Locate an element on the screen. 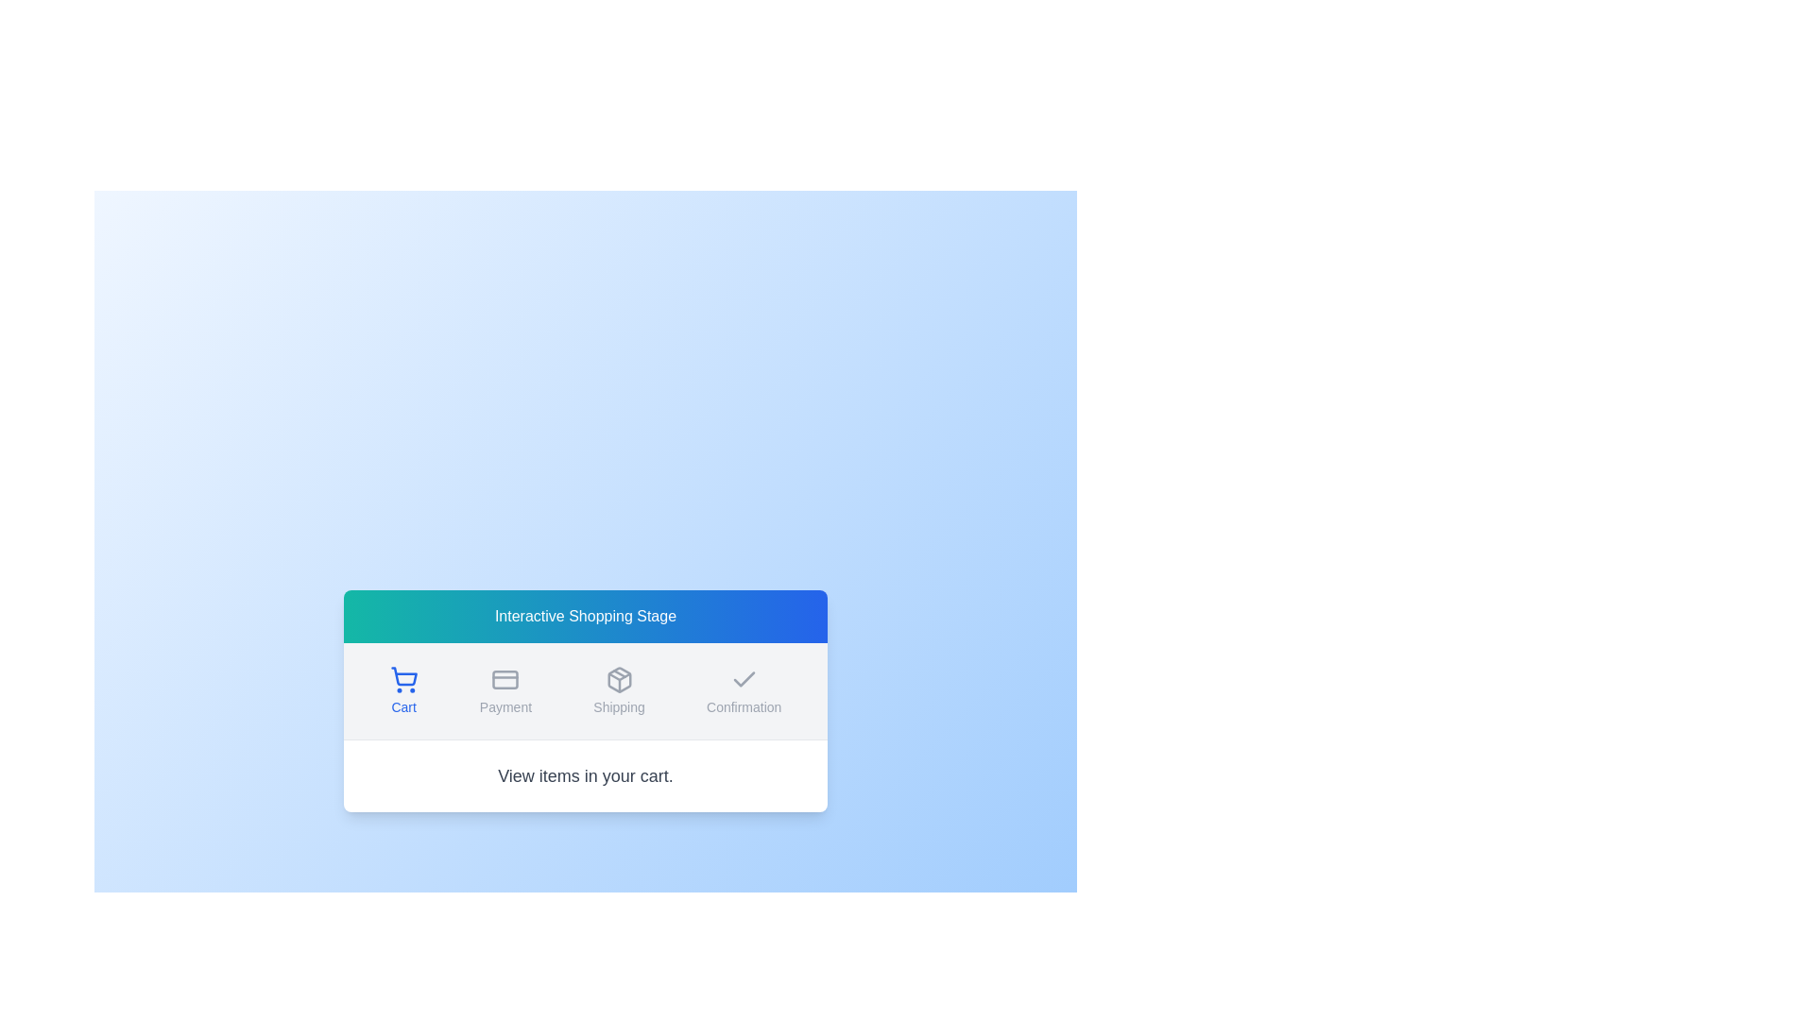  the 'Cart' navigation button located under the 'Interactive Shopping Stage' header is located at coordinates (402, 690).